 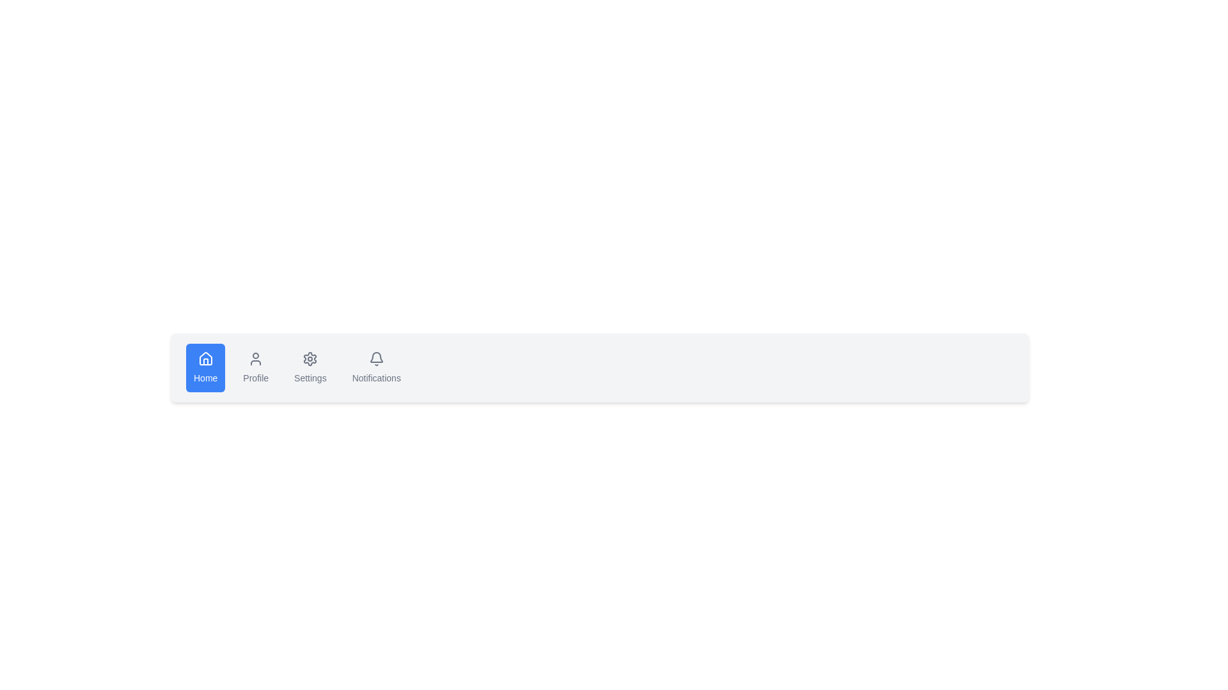 What do you see at coordinates (375, 377) in the screenshot?
I see `text label located below the bell icon that describes its functionality related to notifications` at bounding box center [375, 377].